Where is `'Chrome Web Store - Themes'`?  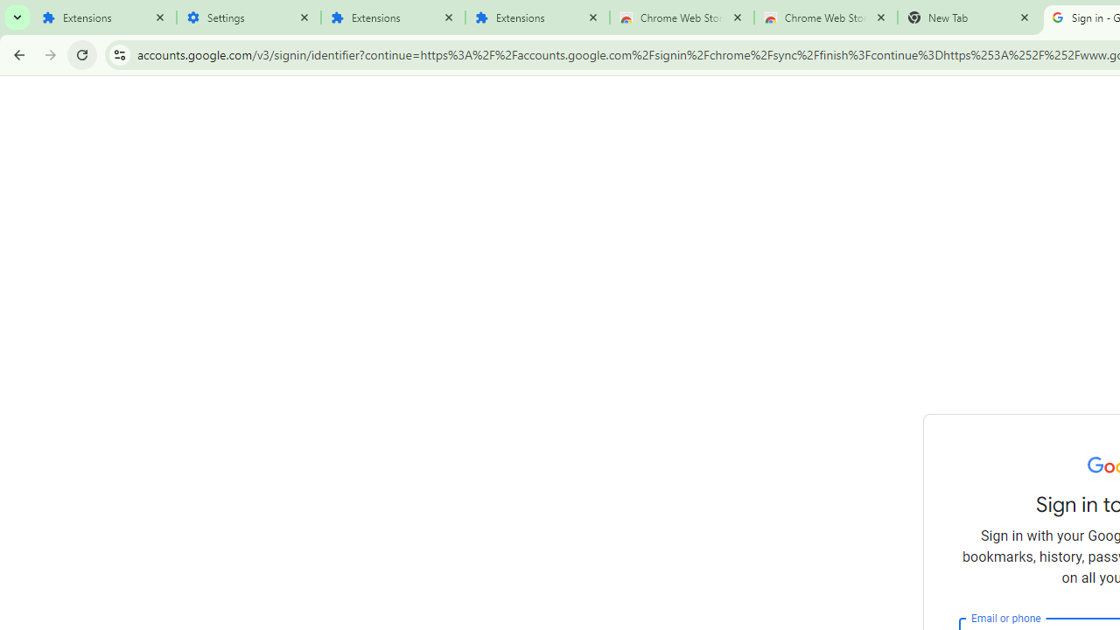 'Chrome Web Store - Themes' is located at coordinates (825, 17).